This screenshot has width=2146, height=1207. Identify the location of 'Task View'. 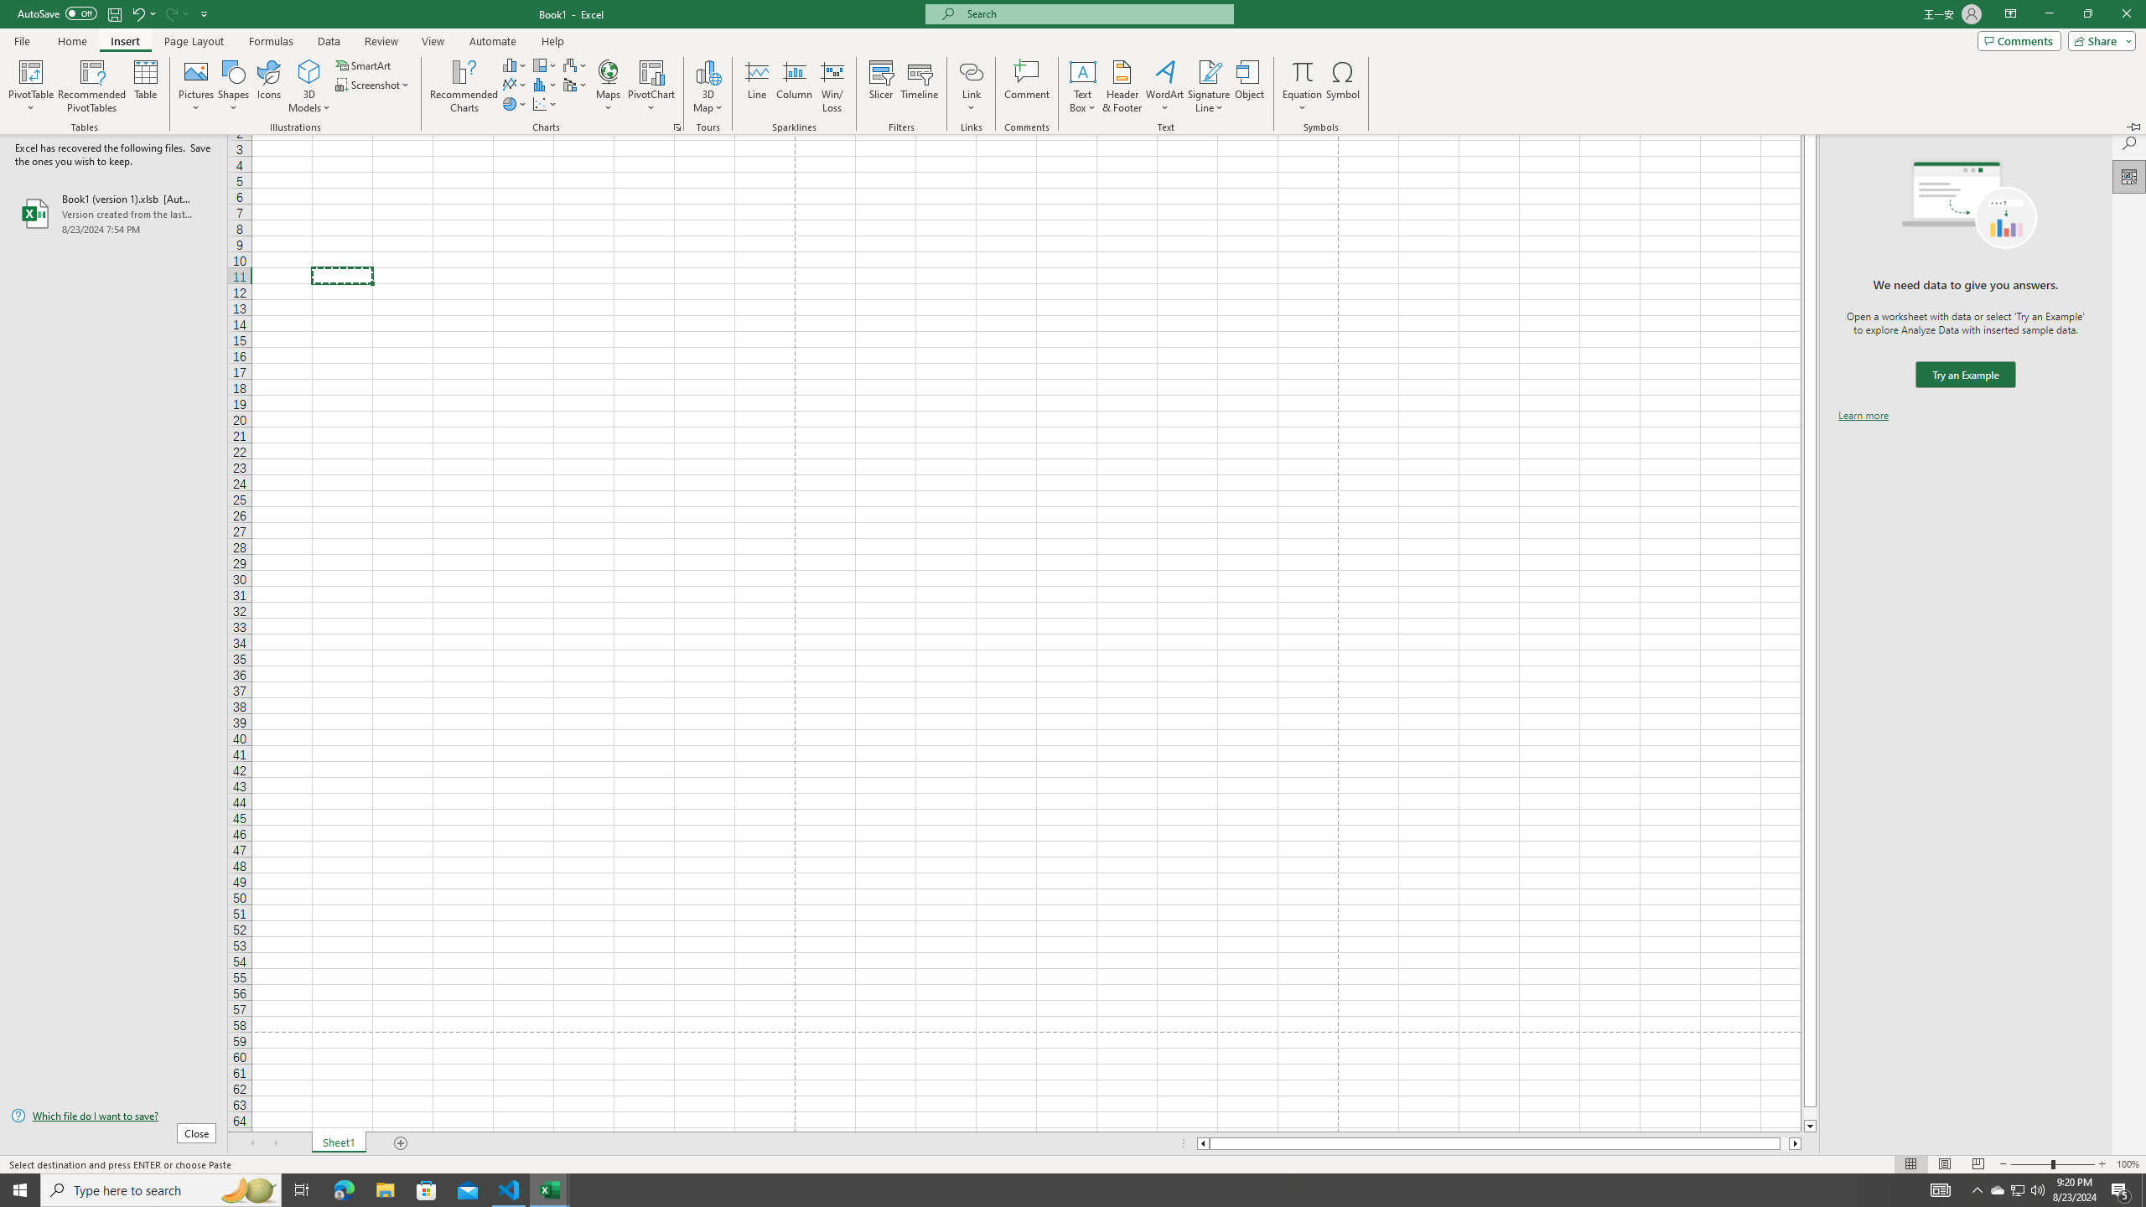
(300, 1189).